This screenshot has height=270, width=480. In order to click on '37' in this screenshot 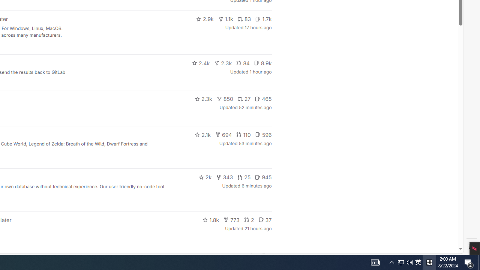, I will do `click(265, 219)`.